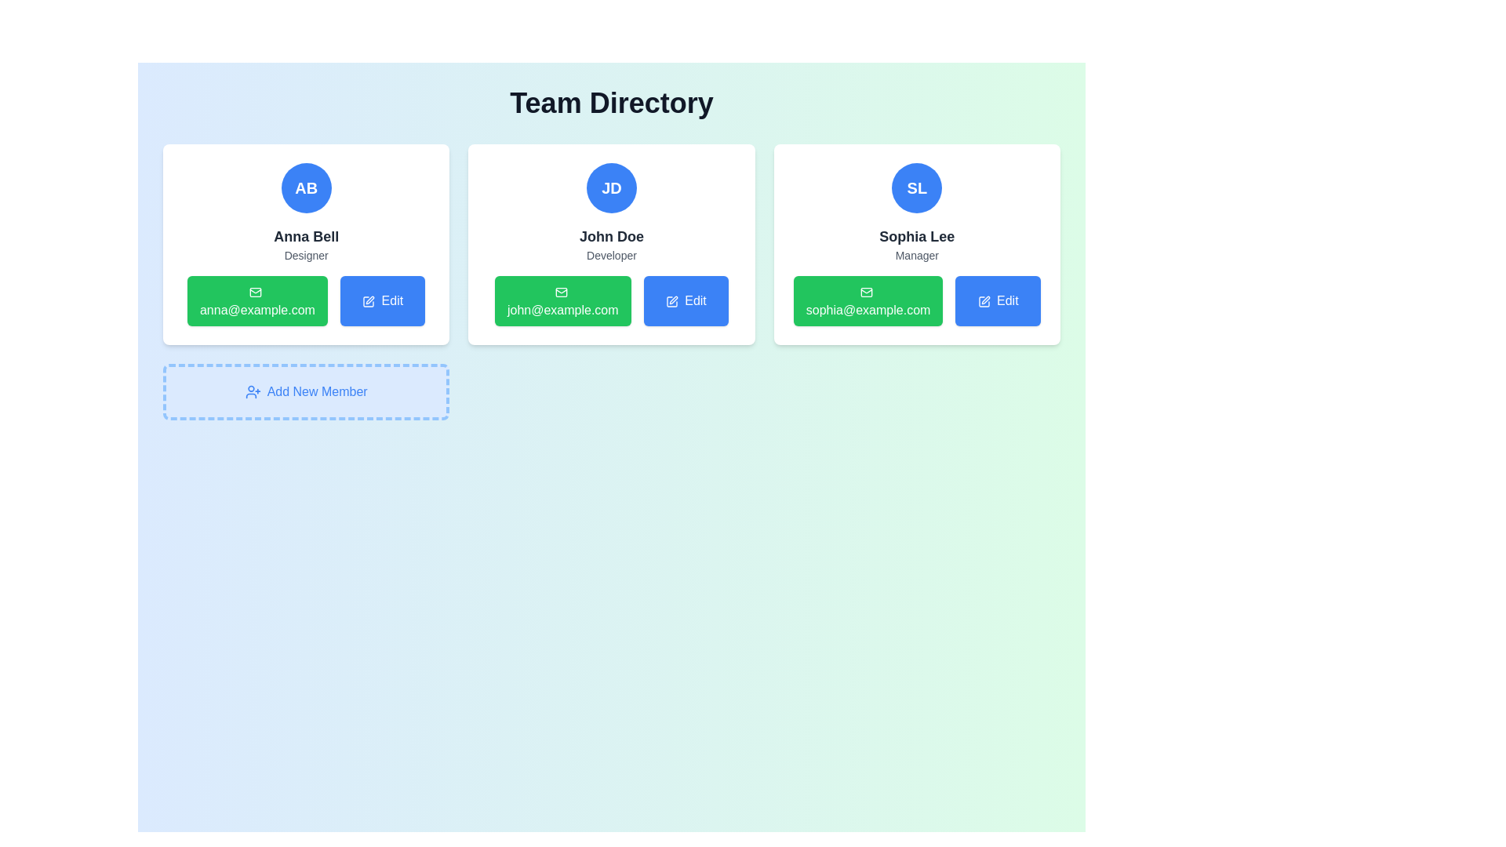 The width and height of the screenshot is (1506, 847). Describe the element at coordinates (917, 245) in the screenshot. I see `the third user card in the Team Directory, which features a blue circular badge with 'SL' initials, the name 'Sophia Lee', the title 'Manager', and buttons for email and edit` at that location.